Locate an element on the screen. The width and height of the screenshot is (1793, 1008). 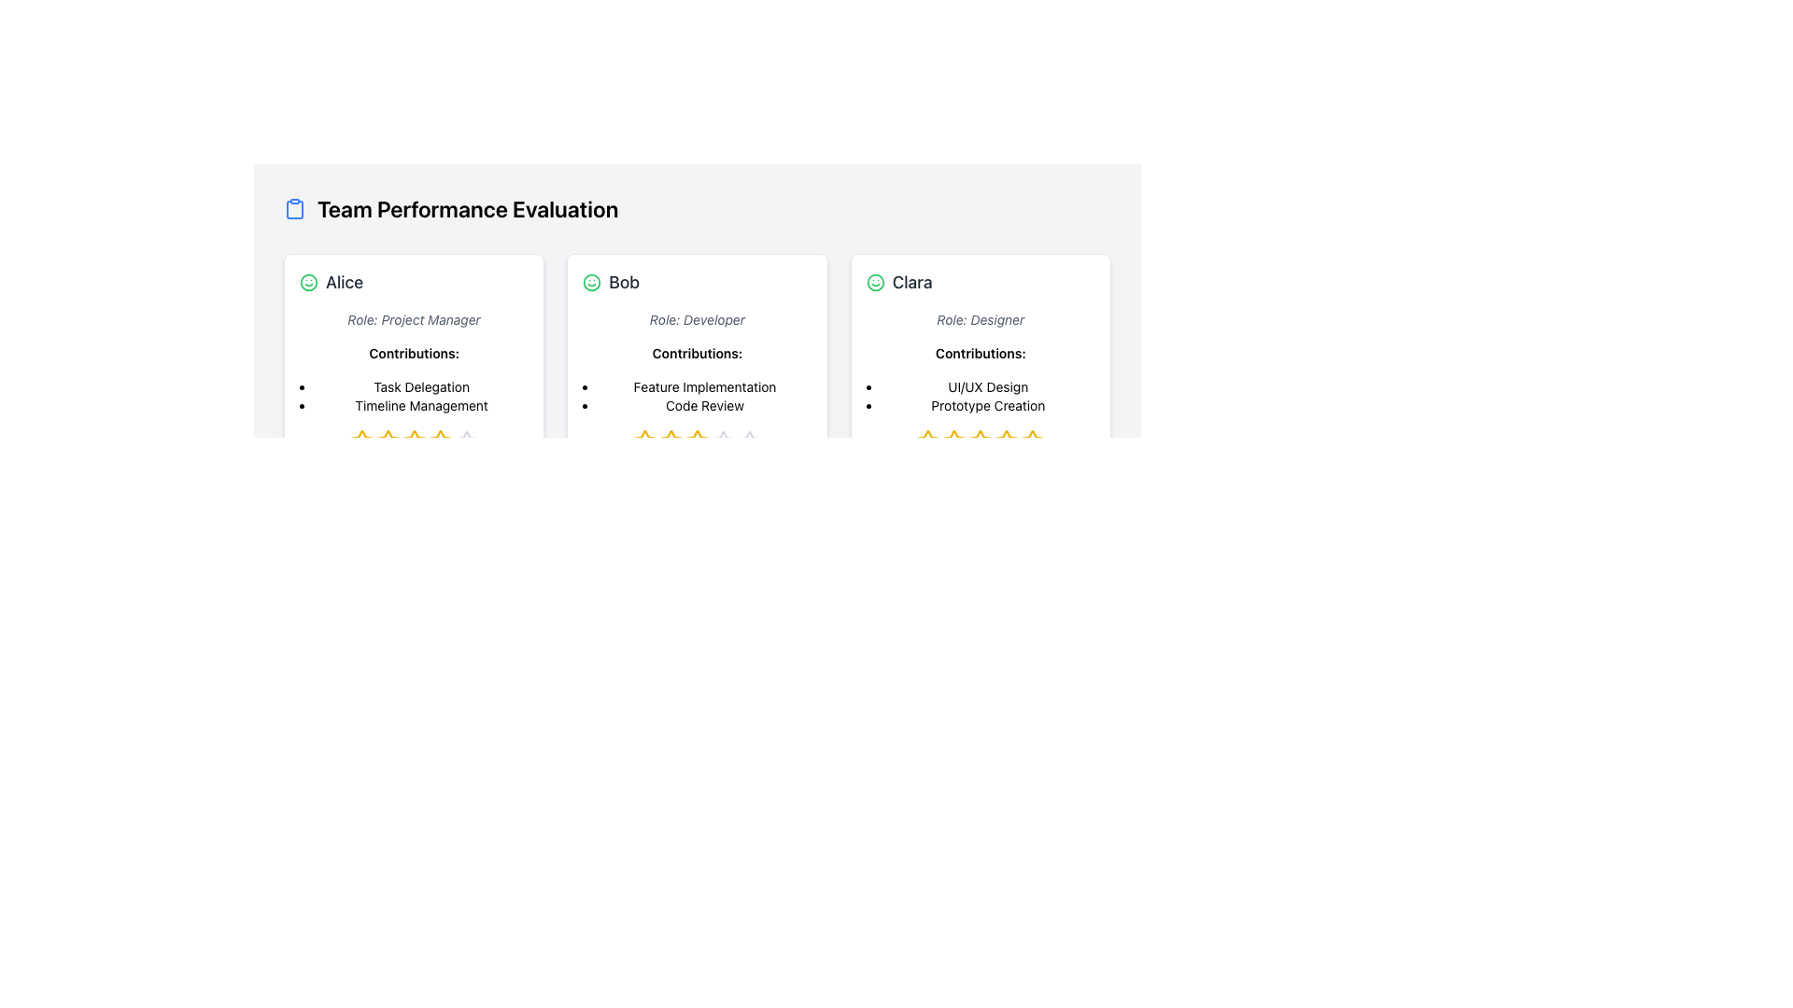
the text label displaying Alice's key responsibility under the 'Contributions' header in her card is located at coordinates (420, 386).